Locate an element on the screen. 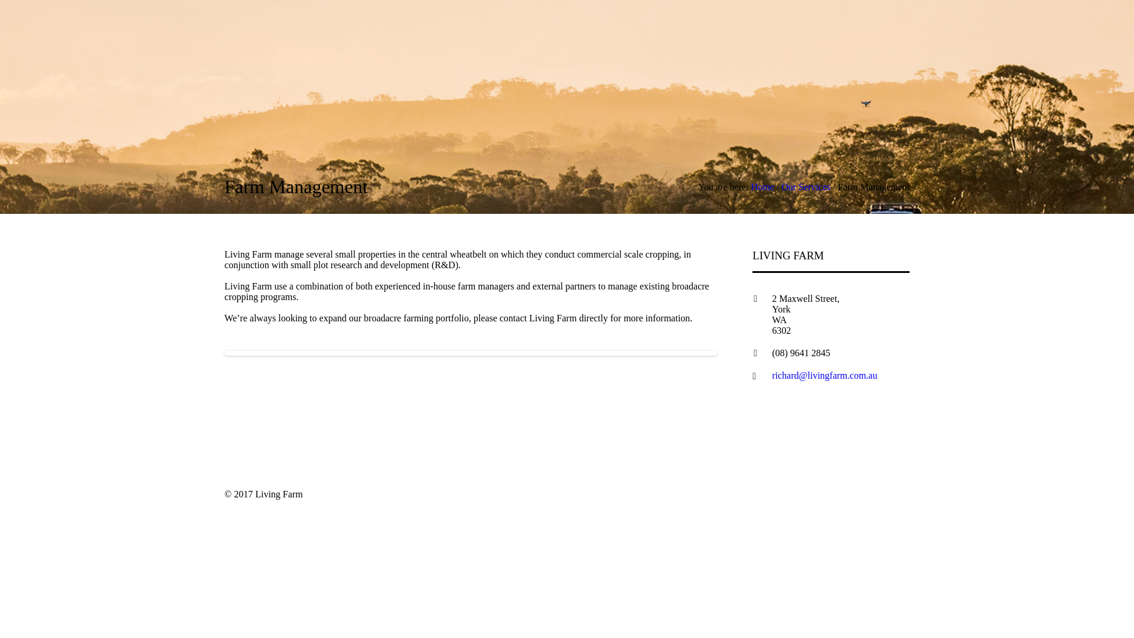  'Home' is located at coordinates (762, 186).